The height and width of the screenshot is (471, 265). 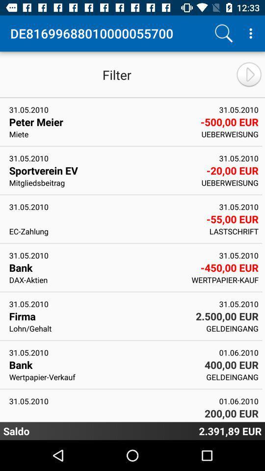 What do you see at coordinates (223, 33) in the screenshot?
I see `the icon next to the de81699688010000055700 app` at bounding box center [223, 33].